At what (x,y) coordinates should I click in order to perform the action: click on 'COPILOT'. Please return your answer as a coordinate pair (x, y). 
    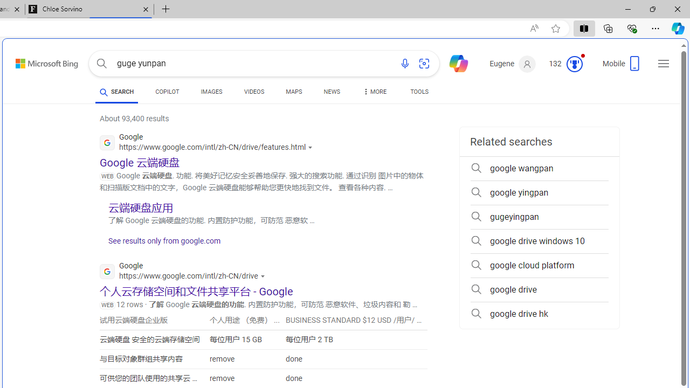
    Looking at the image, I should click on (167, 93).